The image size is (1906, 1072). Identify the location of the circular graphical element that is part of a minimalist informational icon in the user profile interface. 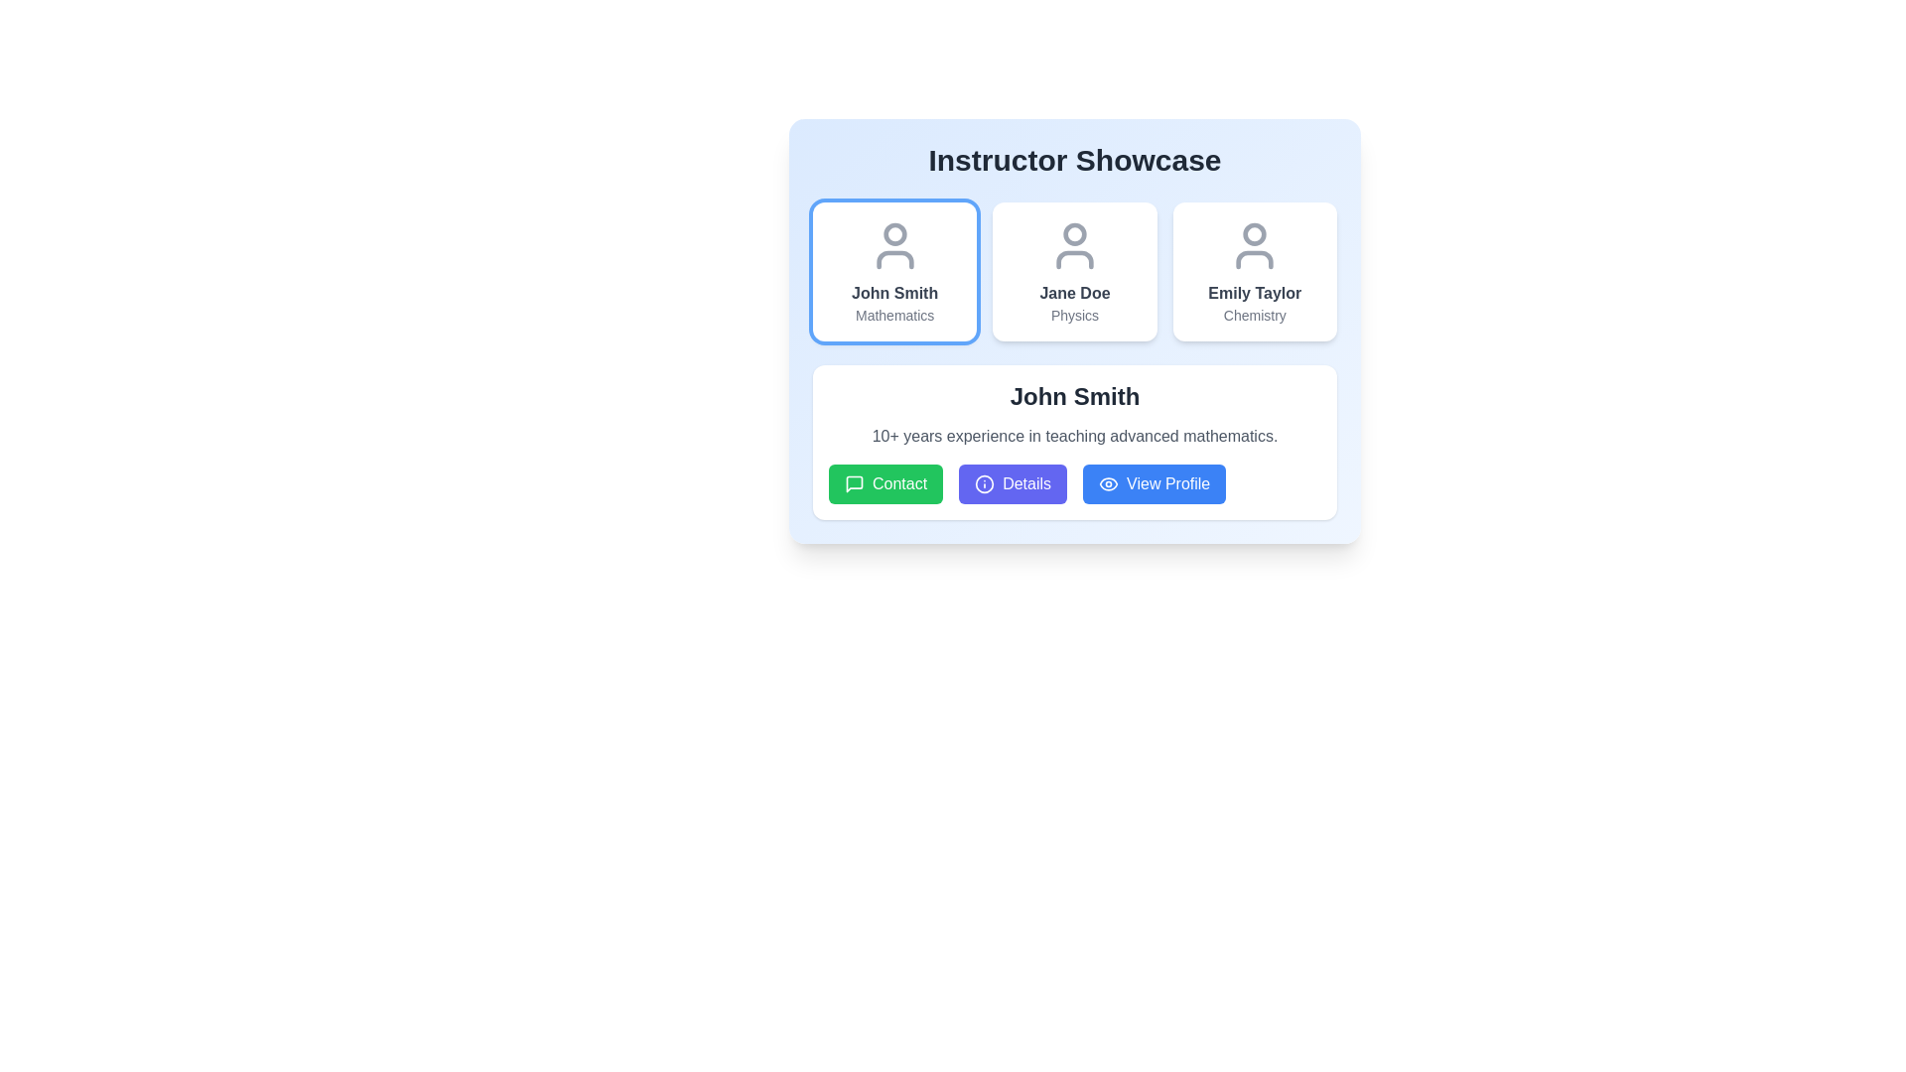
(985, 484).